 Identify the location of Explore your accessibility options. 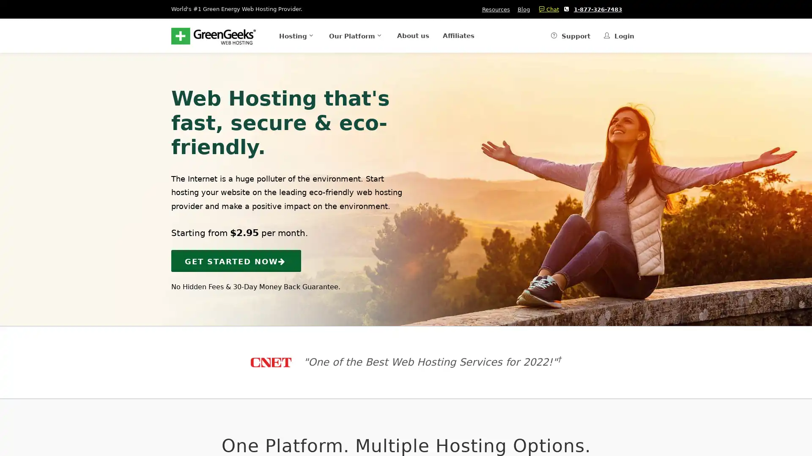
(14, 413).